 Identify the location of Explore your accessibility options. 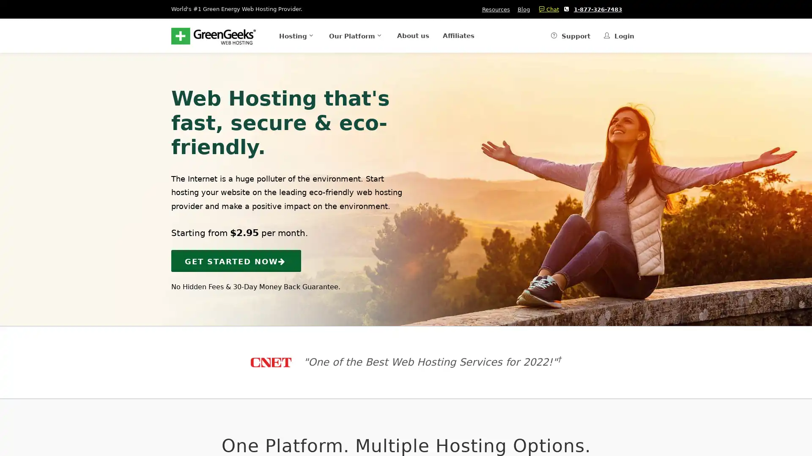
(14, 413).